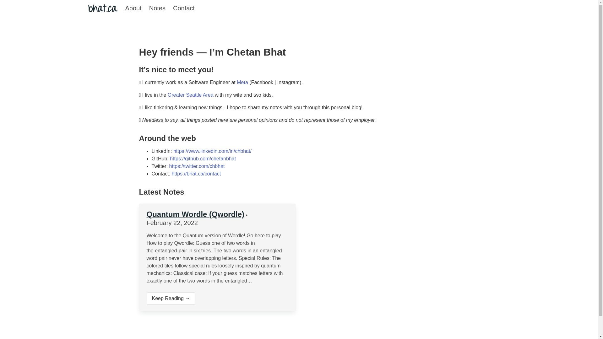 The image size is (603, 339). Describe the element at coordinates (157, 8) in the screenshot. I see `'Notes'` at that location.